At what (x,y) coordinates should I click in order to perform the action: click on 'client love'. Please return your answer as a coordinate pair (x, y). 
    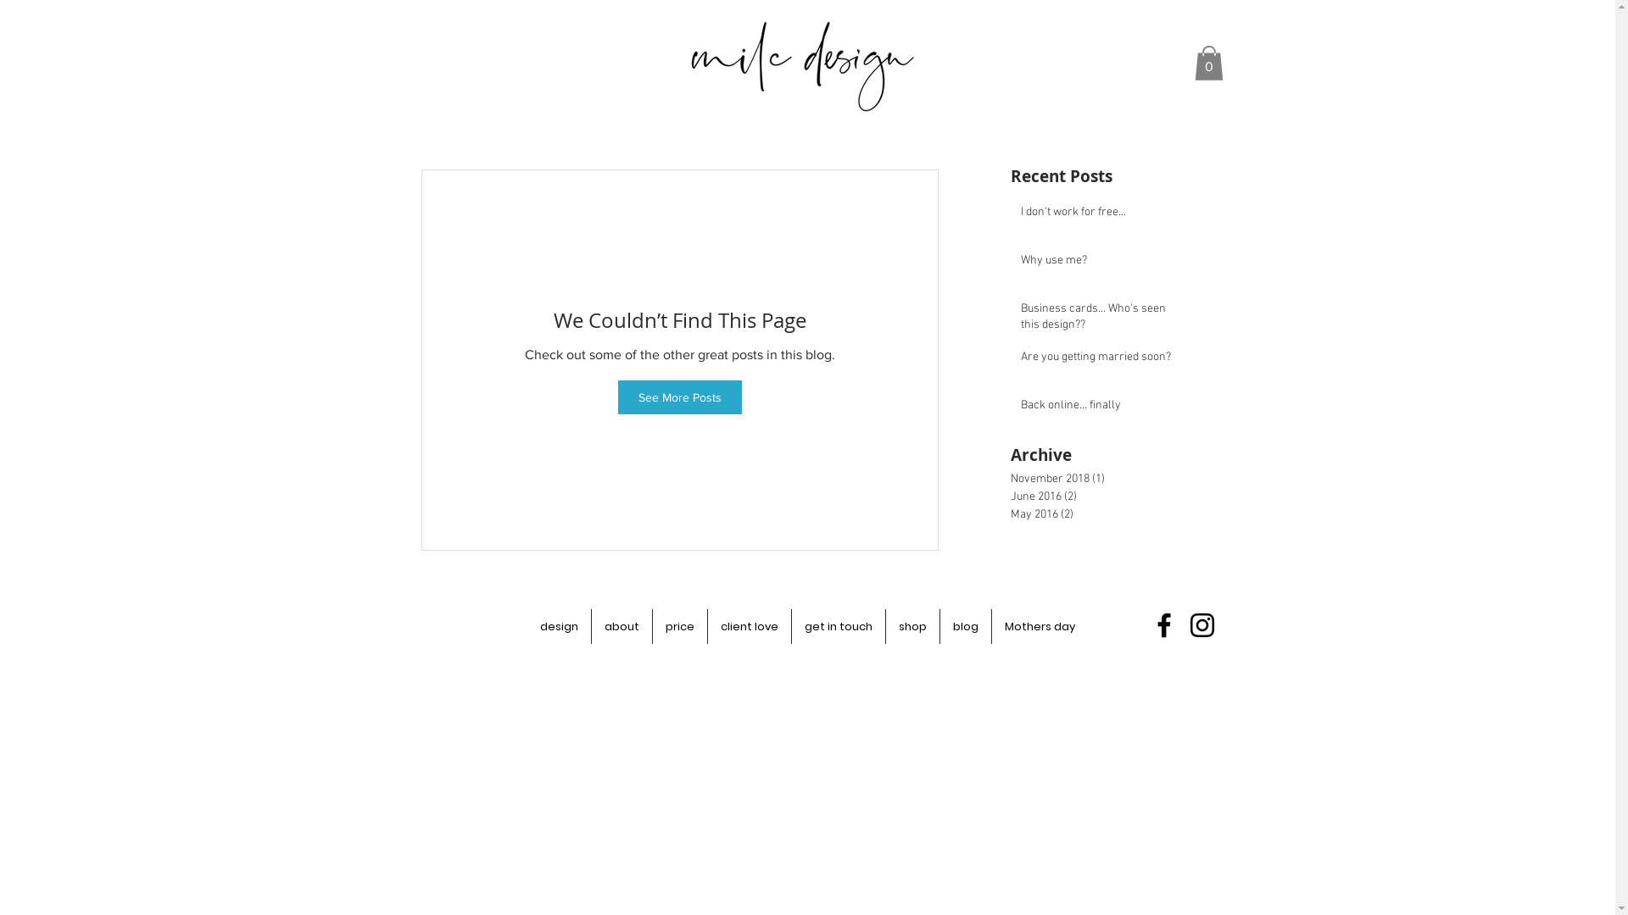
    Looking at the image, I should click on (748, 626).